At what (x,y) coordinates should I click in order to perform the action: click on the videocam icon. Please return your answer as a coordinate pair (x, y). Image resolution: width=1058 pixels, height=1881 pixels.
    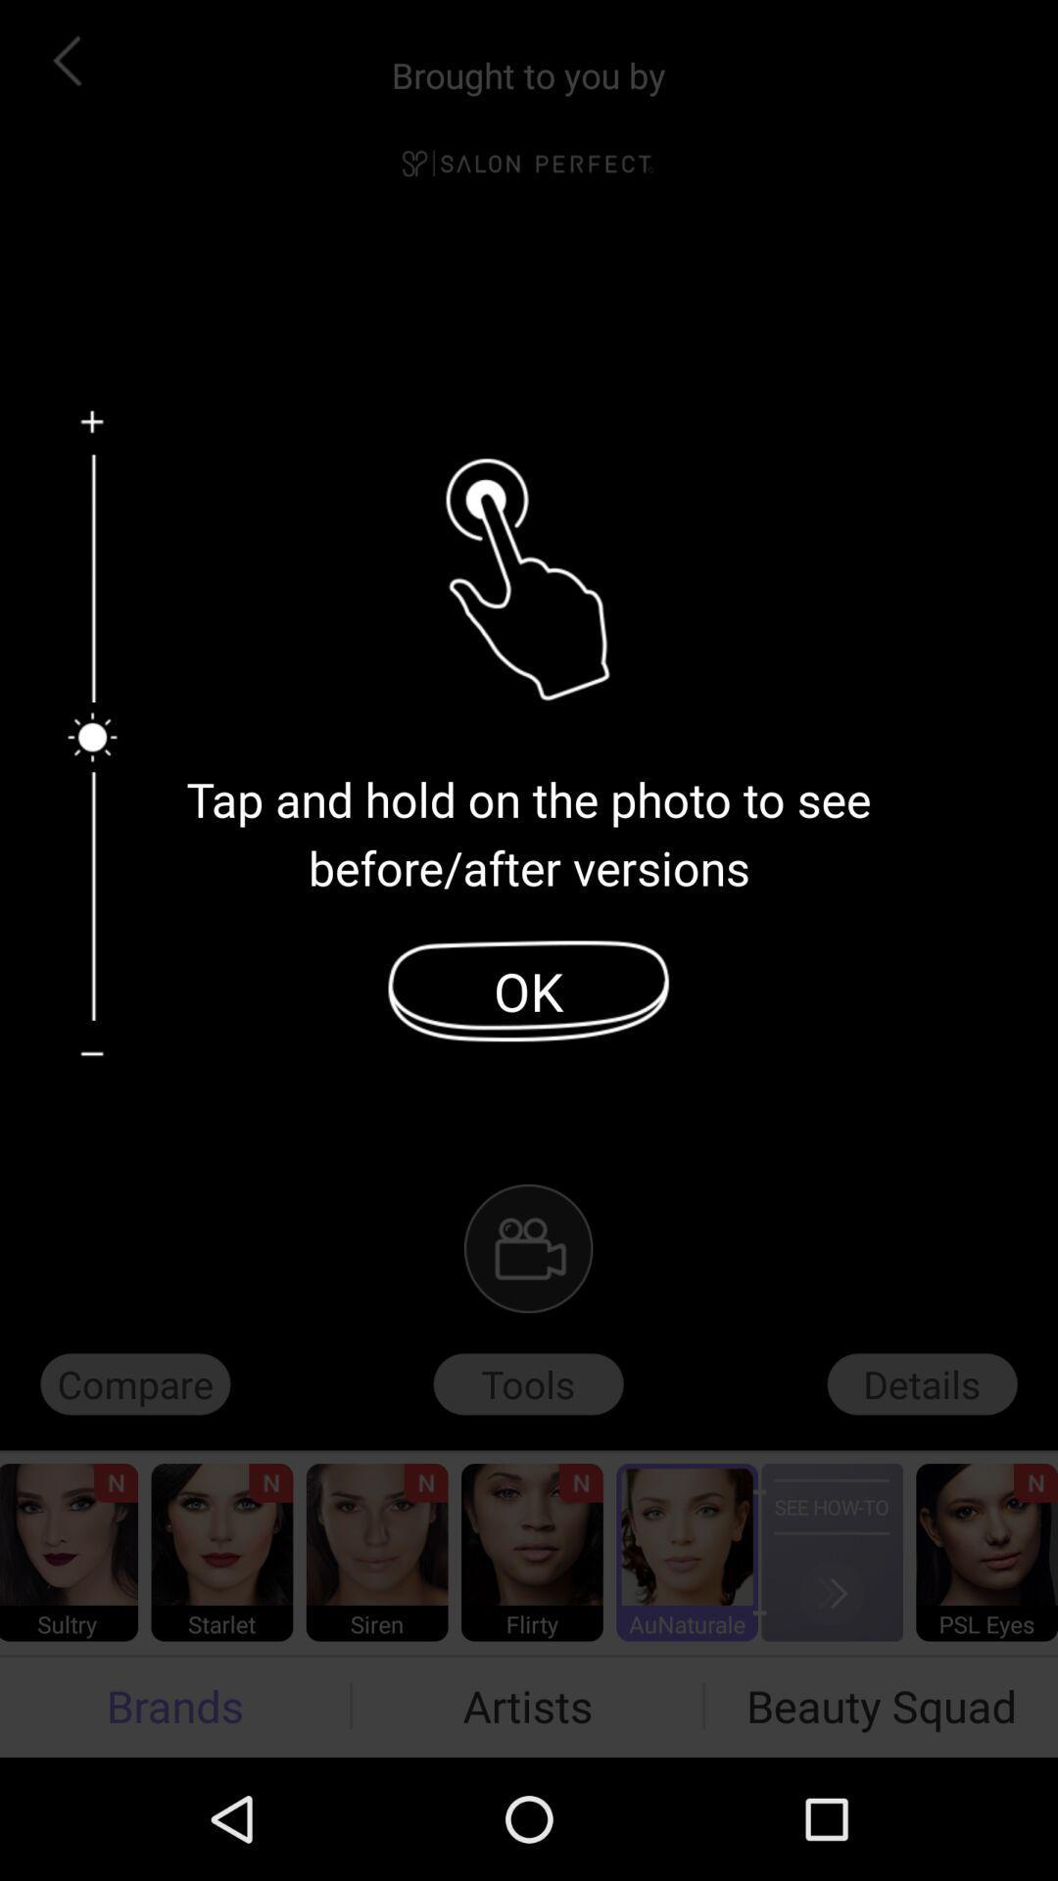
    Looking at the image, I should click on (527, 1335).